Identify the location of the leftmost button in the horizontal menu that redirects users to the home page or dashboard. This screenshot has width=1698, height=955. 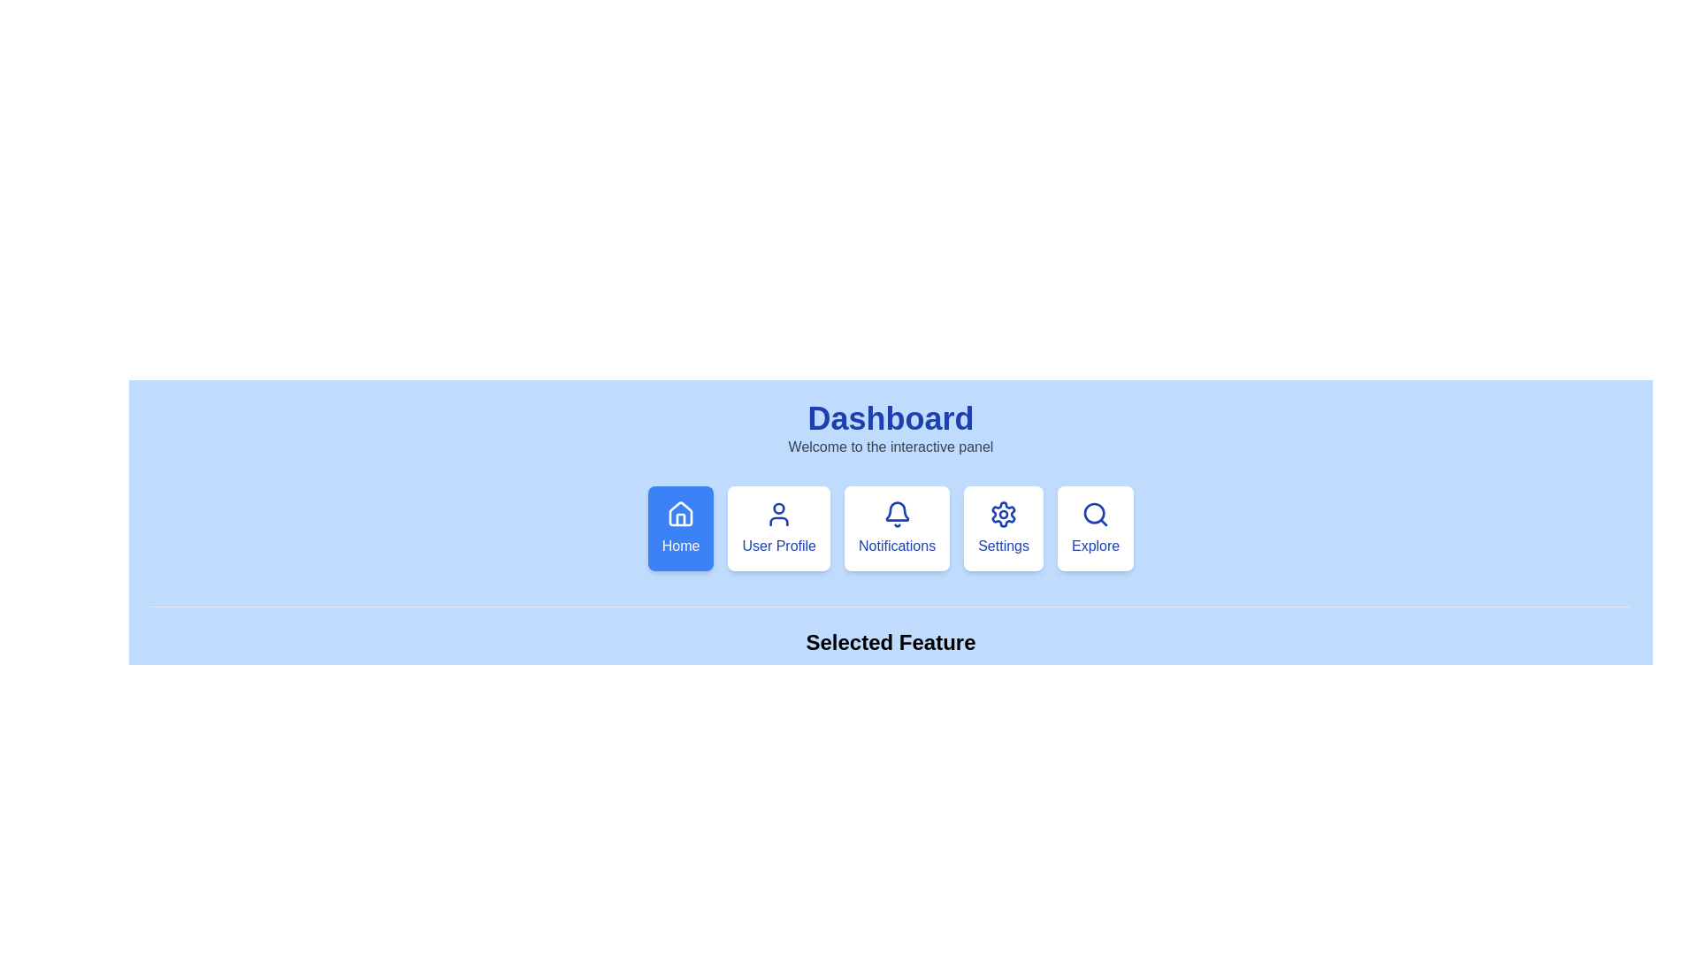
(680, 527).